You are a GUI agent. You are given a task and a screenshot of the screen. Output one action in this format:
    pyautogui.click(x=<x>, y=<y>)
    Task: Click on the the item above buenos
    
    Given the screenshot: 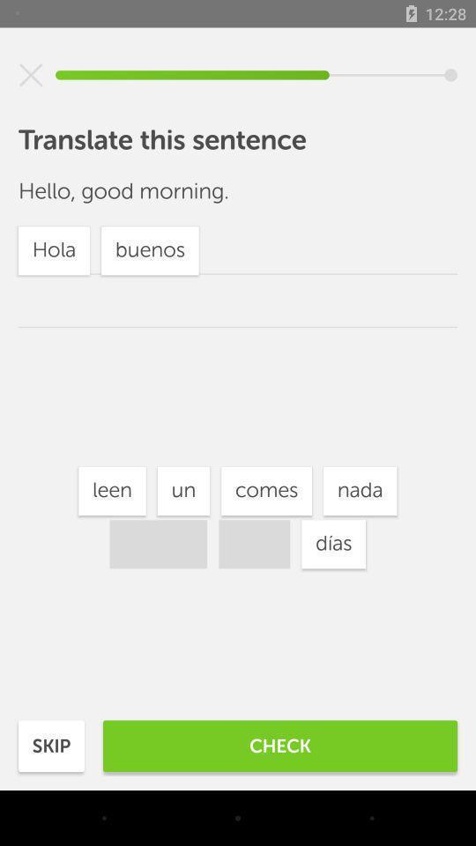 What is the action you would take?
    pyautogui.click(x=112, y=491)
    